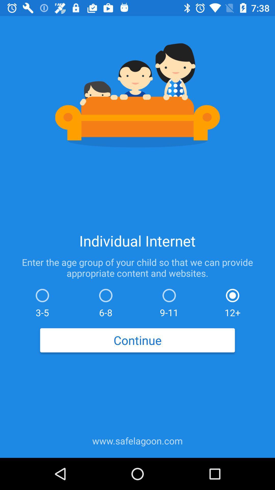 The image size is (275, 490). I want to click on the item next to 9-11 item, so click(105, 302).